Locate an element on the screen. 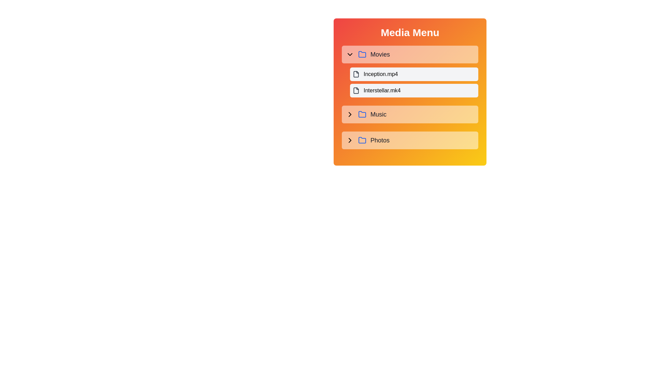  the small file icon with rounded corners located under the 'Movies' category, positioned to the left of the text 'Interstellar.mk4' is located at coordinates (355, 90).